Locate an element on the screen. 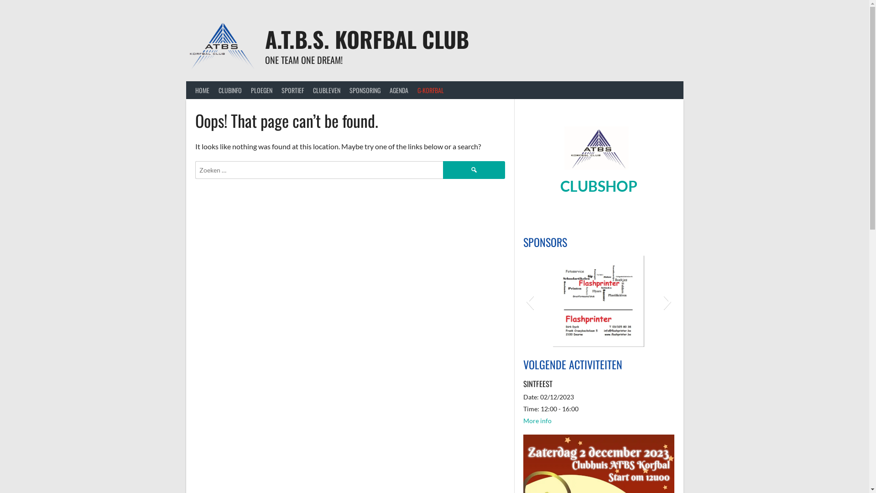 The width and height of the screenshot is (876, 493). 'CLUBSHOP' is located at coordinates (560, 185).